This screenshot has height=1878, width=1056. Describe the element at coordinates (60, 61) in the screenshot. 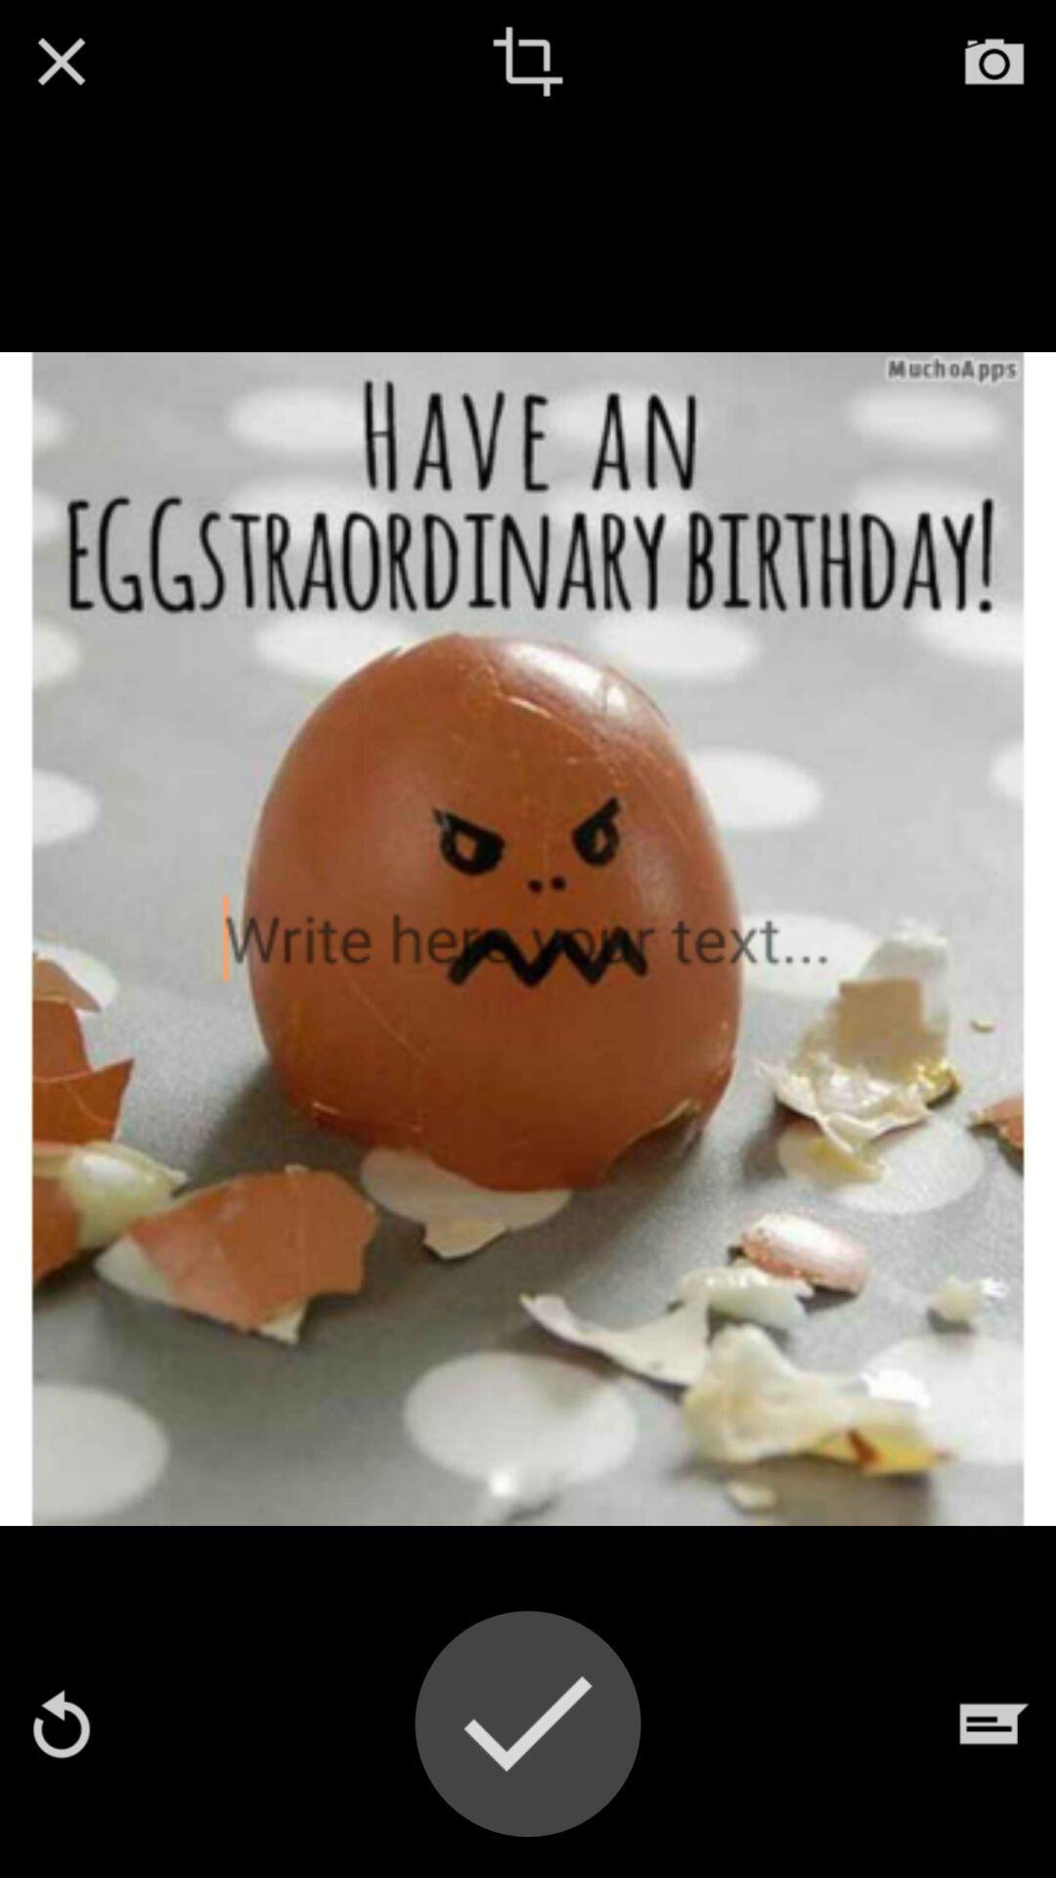

I see `option` at that location.